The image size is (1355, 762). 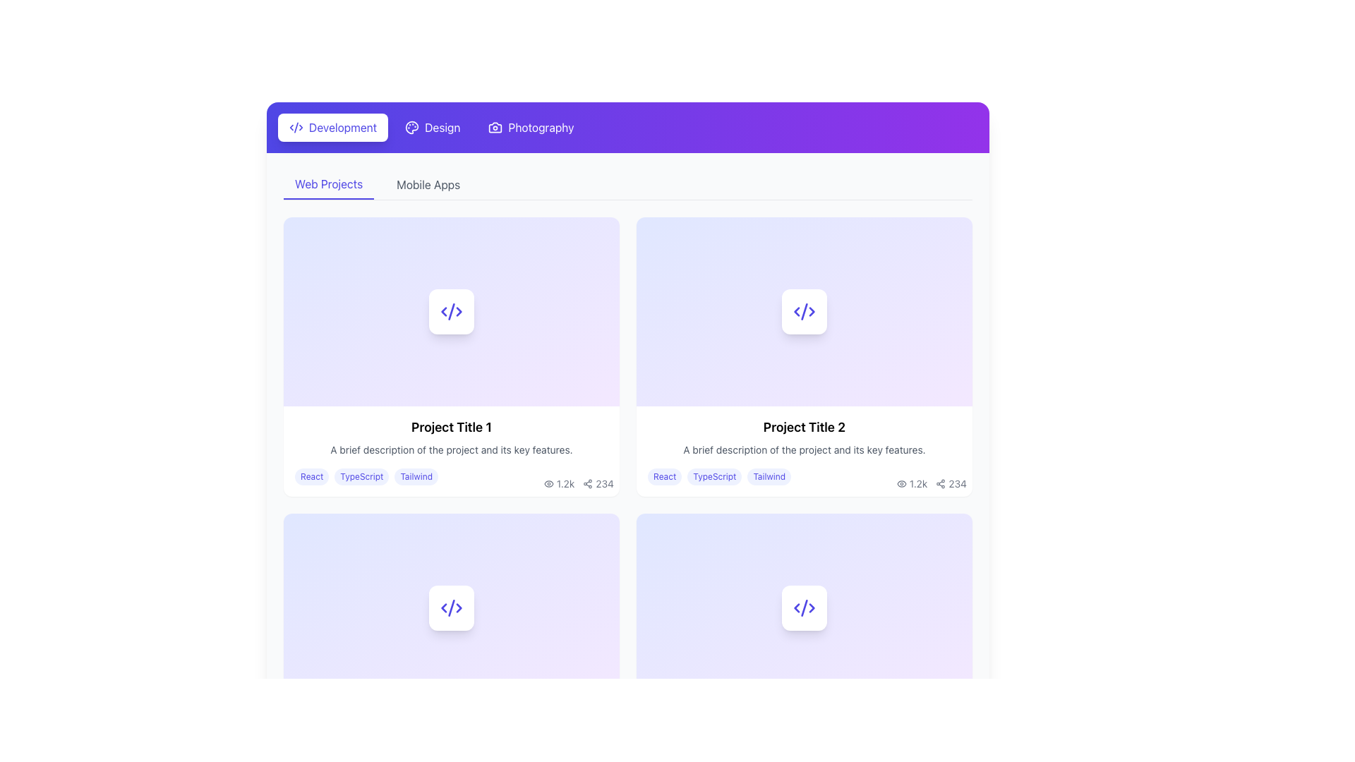 What do you see at coordinates (918, 483) in the screenshot?
I see `the static text displaying '1.2k', which is located in the footer of the card for 'Project Title 2', positioned to the right of an eye icon and before the text element showing '234'` at bounding box center [918, 483].